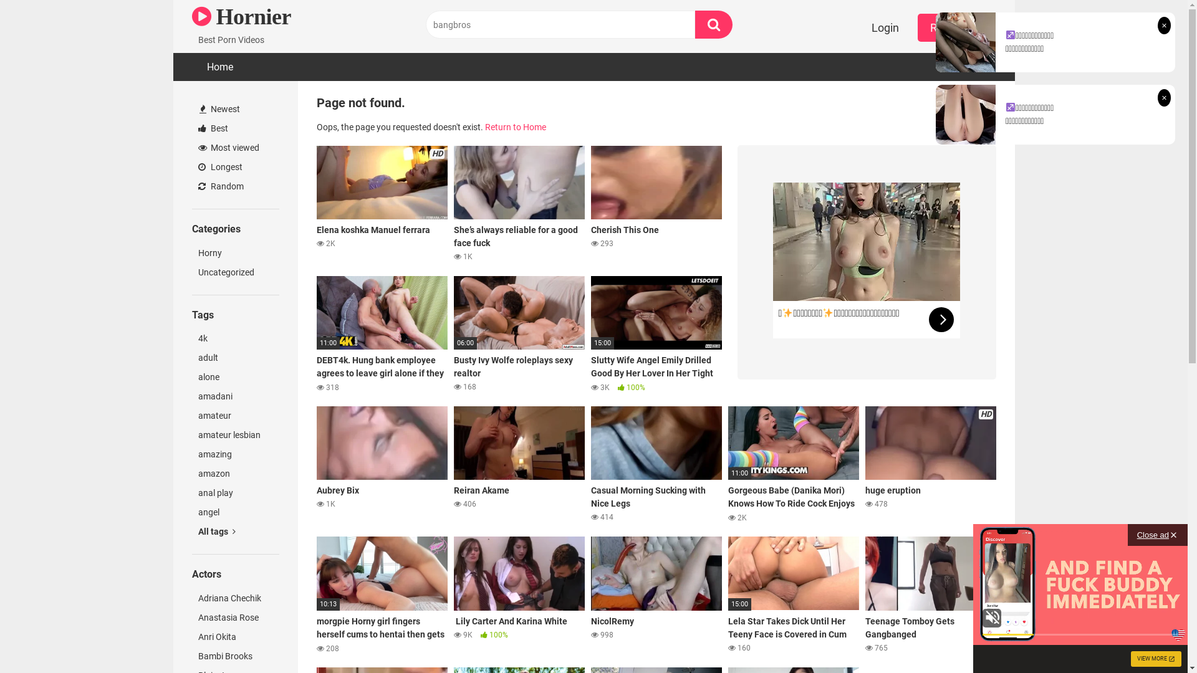 This screenshot has width=1197, height=673. What do you see at coordinates (950, 27) in the screenshot?
I see `'Register'` at bounding box center [950, 27].